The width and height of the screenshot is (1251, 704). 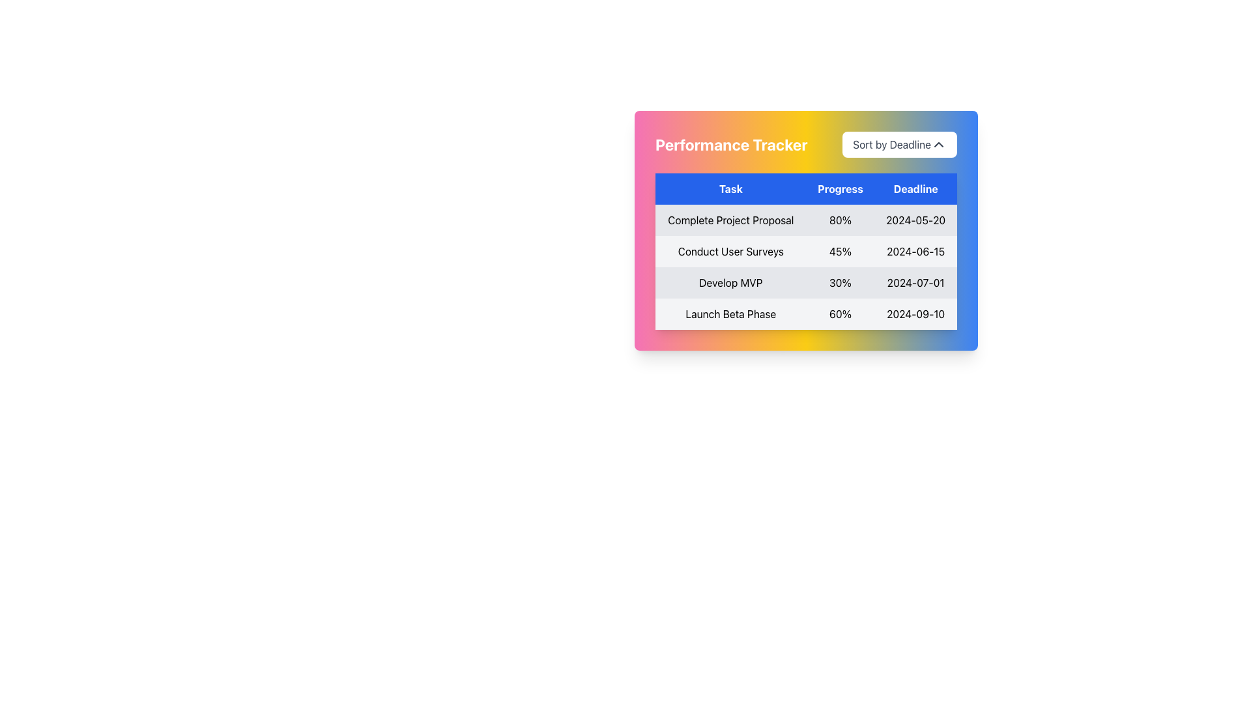 What do you see at coordinates (805, 314) in the screenshot?
I see `the last row in the Performance Tracker table that contains 'Launch Beta Phase', '60%', and '2024-09-10'` at bounding box center [805, 314].